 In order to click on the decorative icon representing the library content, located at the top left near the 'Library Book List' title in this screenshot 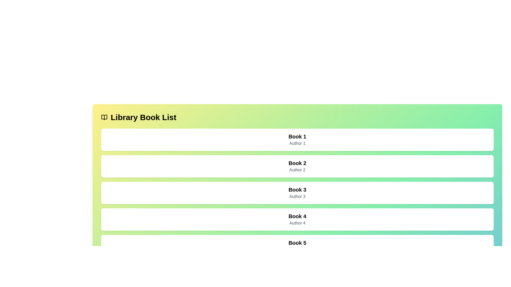, I will do `click(104, 117)`.